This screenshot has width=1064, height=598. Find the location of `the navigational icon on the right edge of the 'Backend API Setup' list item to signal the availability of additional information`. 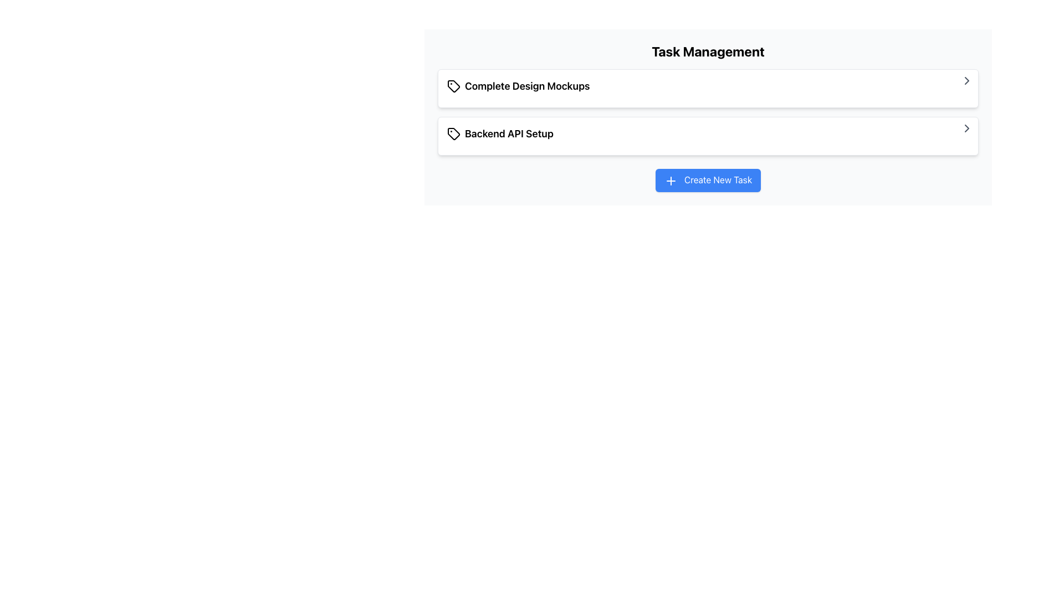

the navigational icon on the right edge of the 'Backend API Setup' list item to signal the availability of additional information is located at coordinates (966, 80).